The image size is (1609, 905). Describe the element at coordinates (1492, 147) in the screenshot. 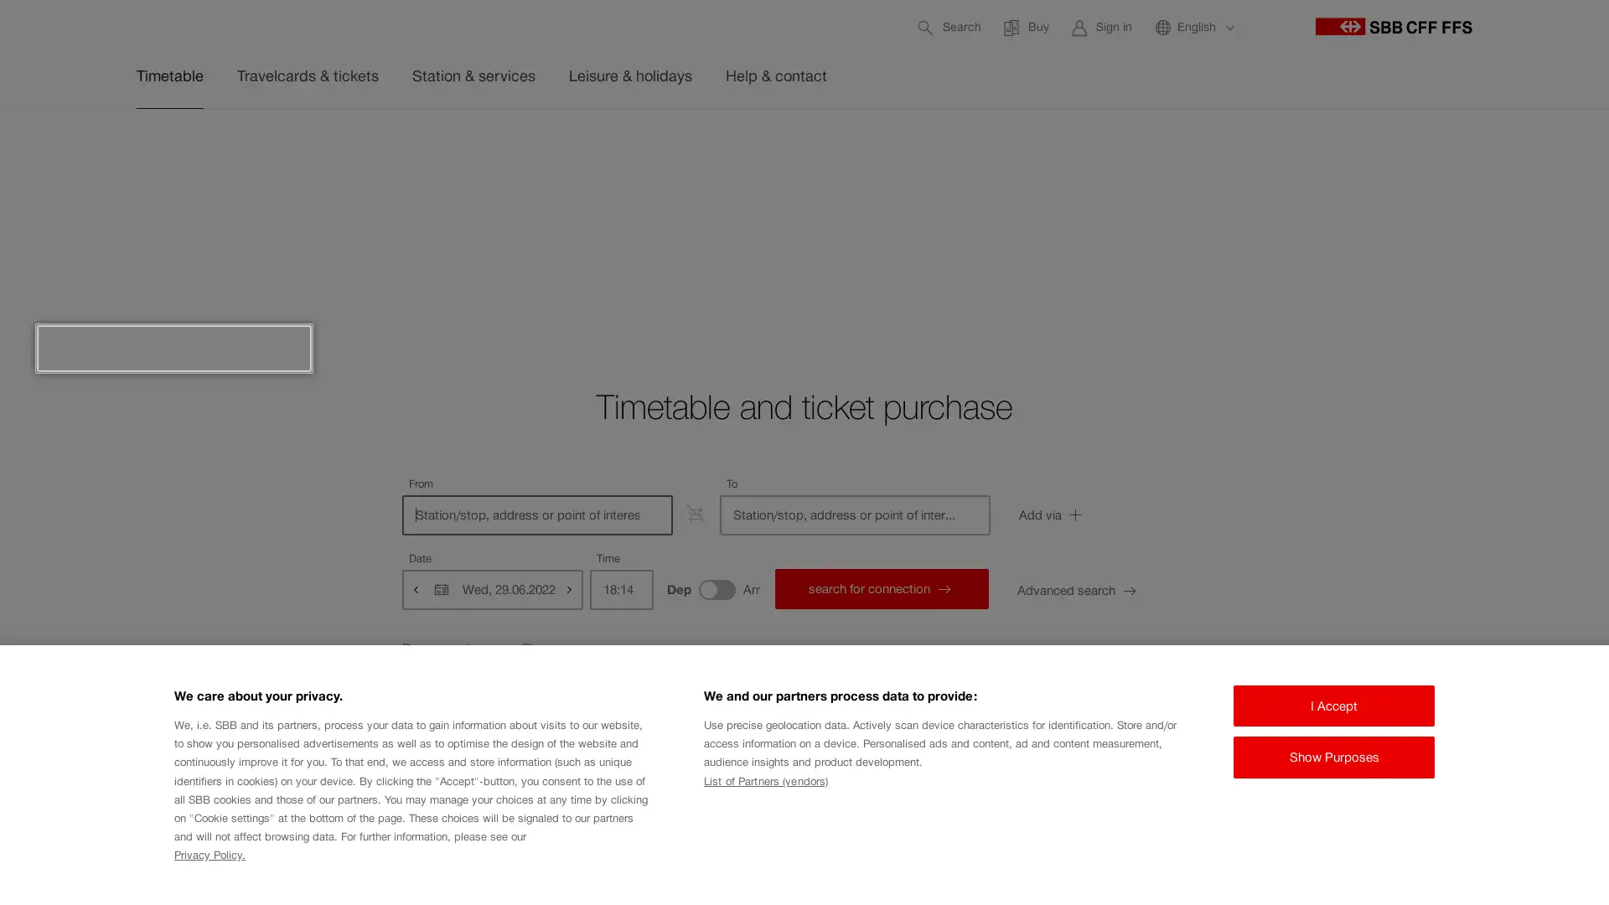

I see `Close active menu item Leisure & holidays.` at that location.